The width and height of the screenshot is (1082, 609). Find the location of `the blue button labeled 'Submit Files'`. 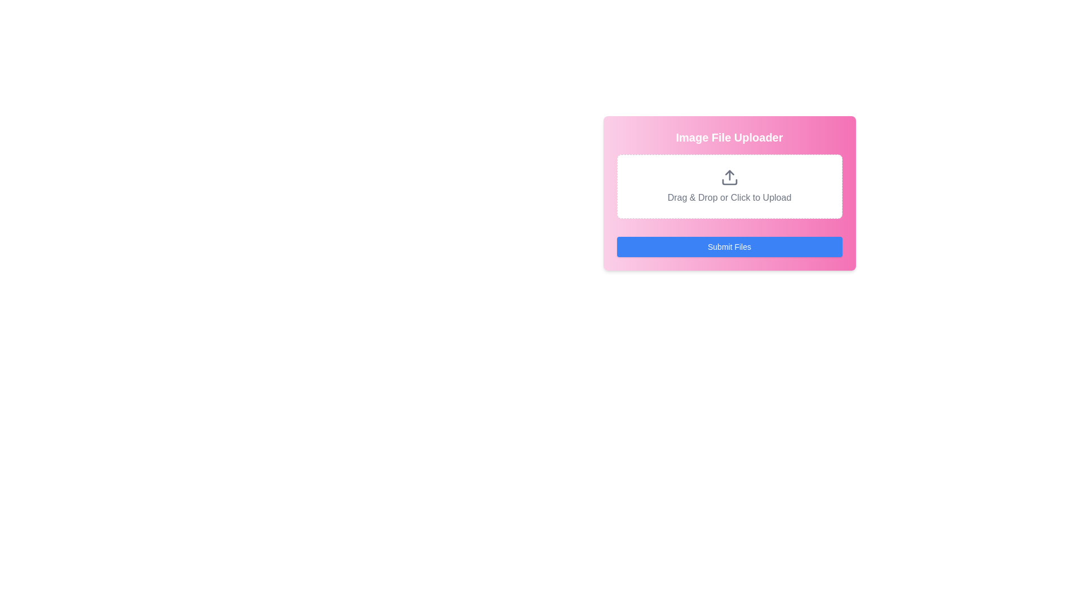

the blue button labeled 'Submit Files' is located at coordinates (729, 246).